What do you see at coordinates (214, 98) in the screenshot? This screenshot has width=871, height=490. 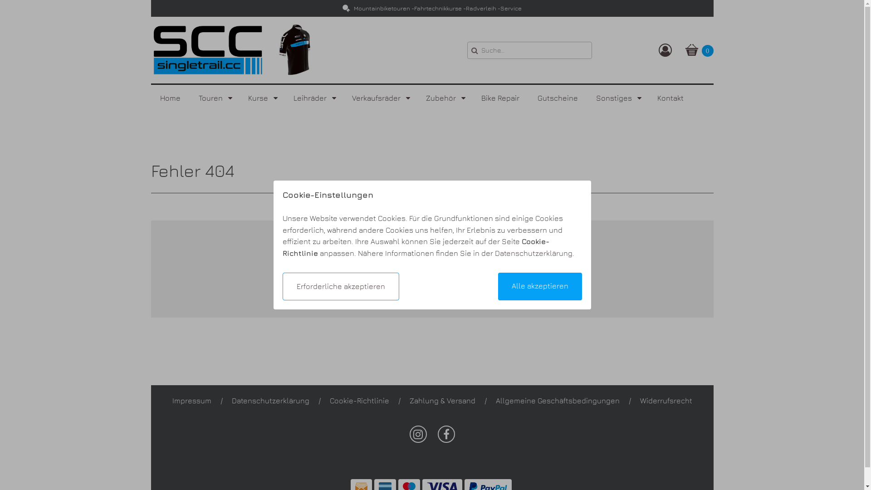 I see `'Touren'` at bounding box center [214, 98].